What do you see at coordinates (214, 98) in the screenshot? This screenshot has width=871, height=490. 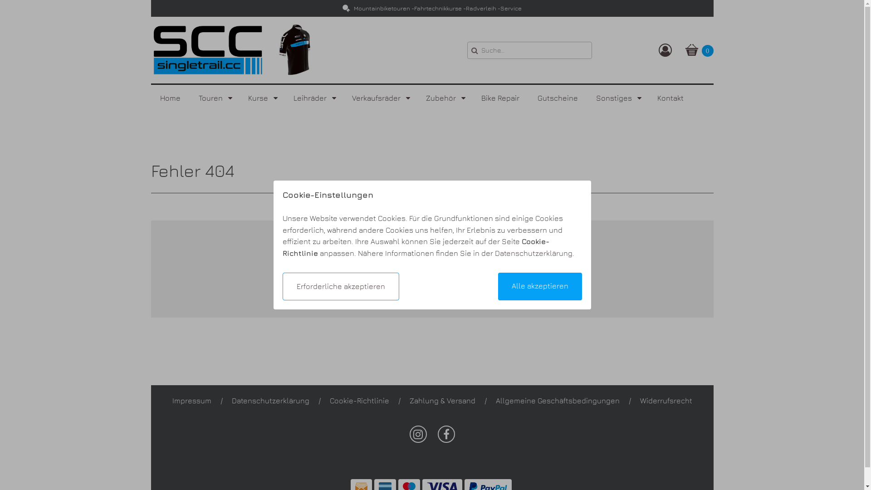 I see `'Touren'` at bounding box center [214, 98].